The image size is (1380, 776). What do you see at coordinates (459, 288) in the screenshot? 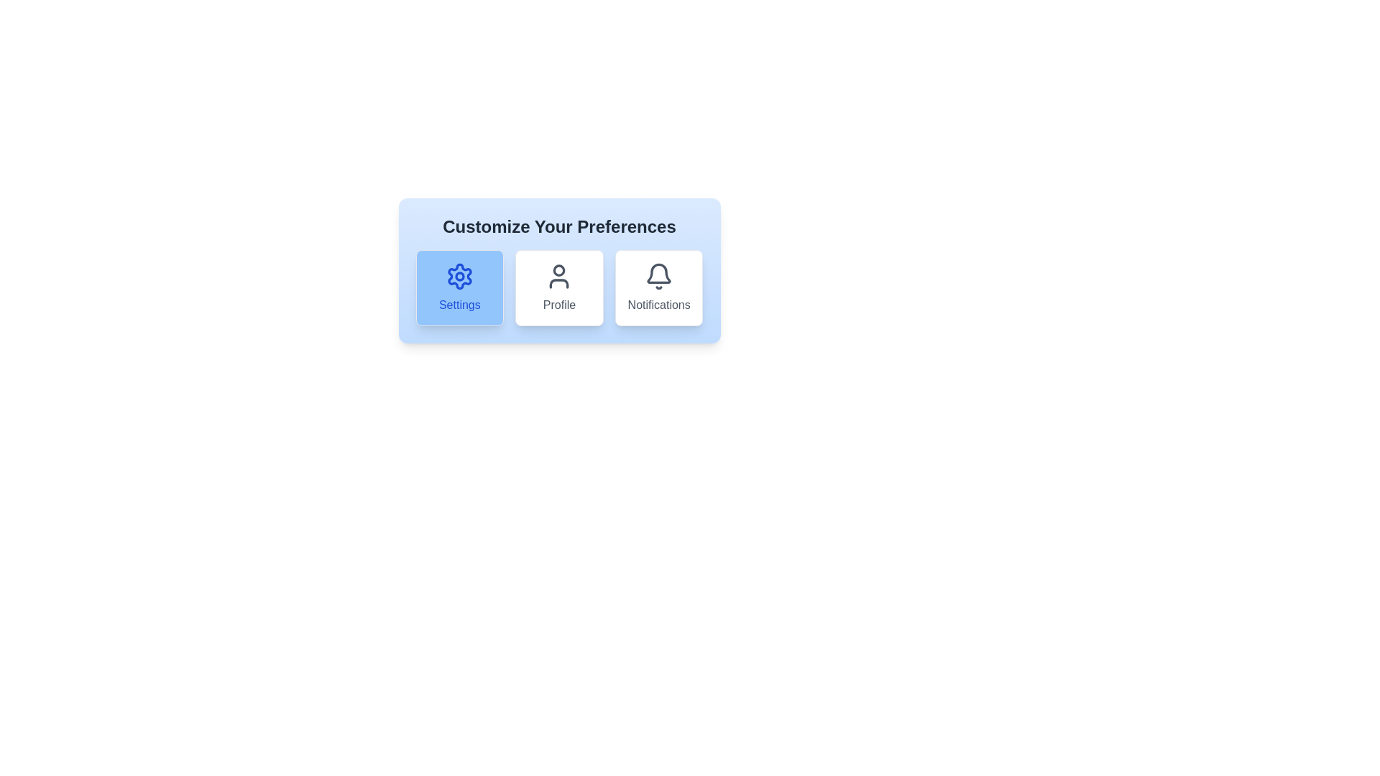
I see `the settings button, which is the first card on the left in a horizontal grid layout` at bounding box center [459, 288].